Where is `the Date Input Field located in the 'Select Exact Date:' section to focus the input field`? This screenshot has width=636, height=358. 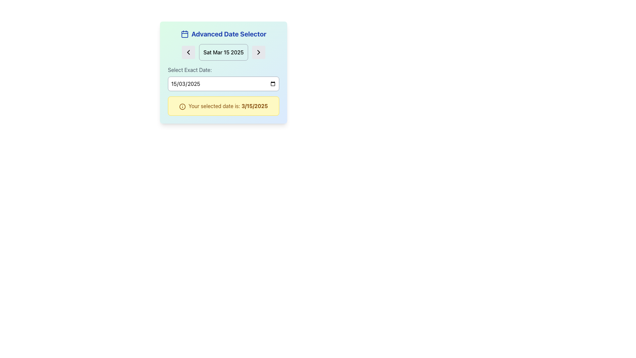
the Date Input Field located in the 'Select Exact Date:' section to focus the input field is located at coordinates (224, 84).